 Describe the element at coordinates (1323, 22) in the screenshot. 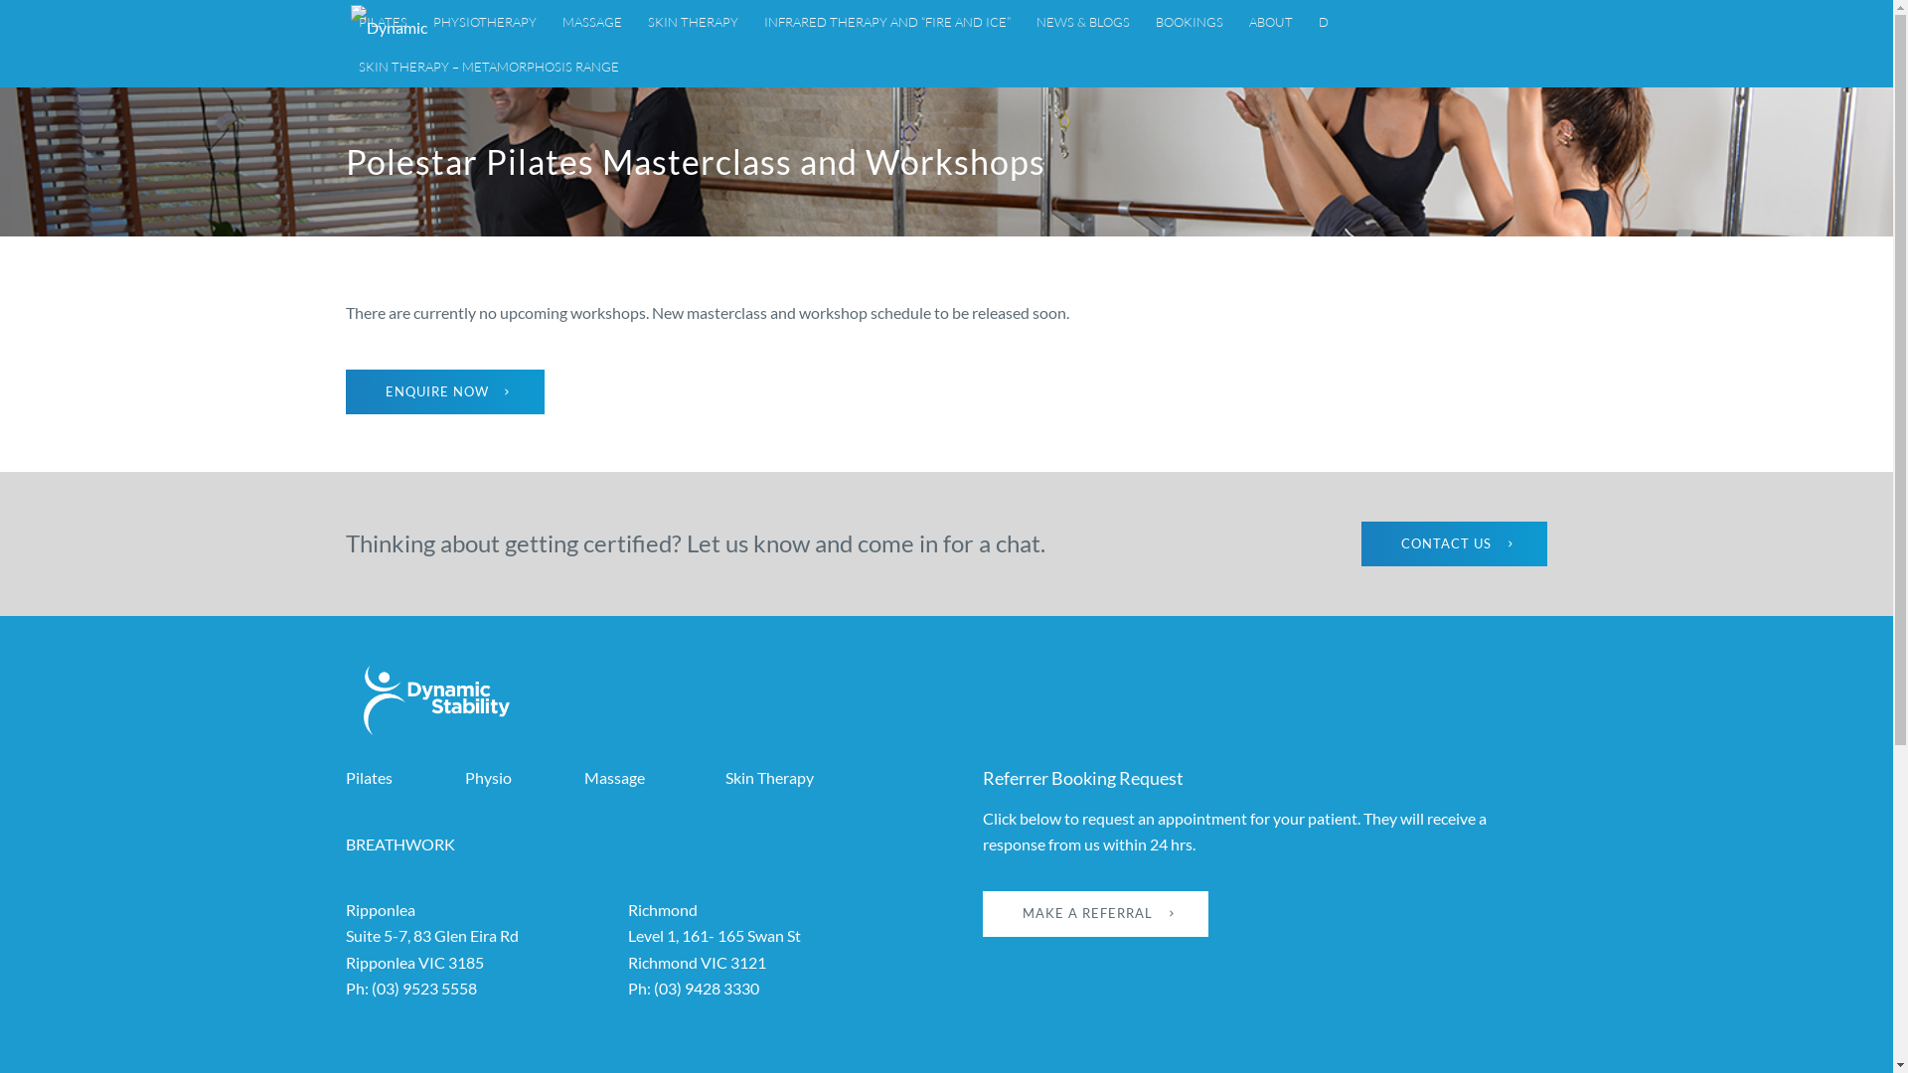

I see `'D'` at that location.